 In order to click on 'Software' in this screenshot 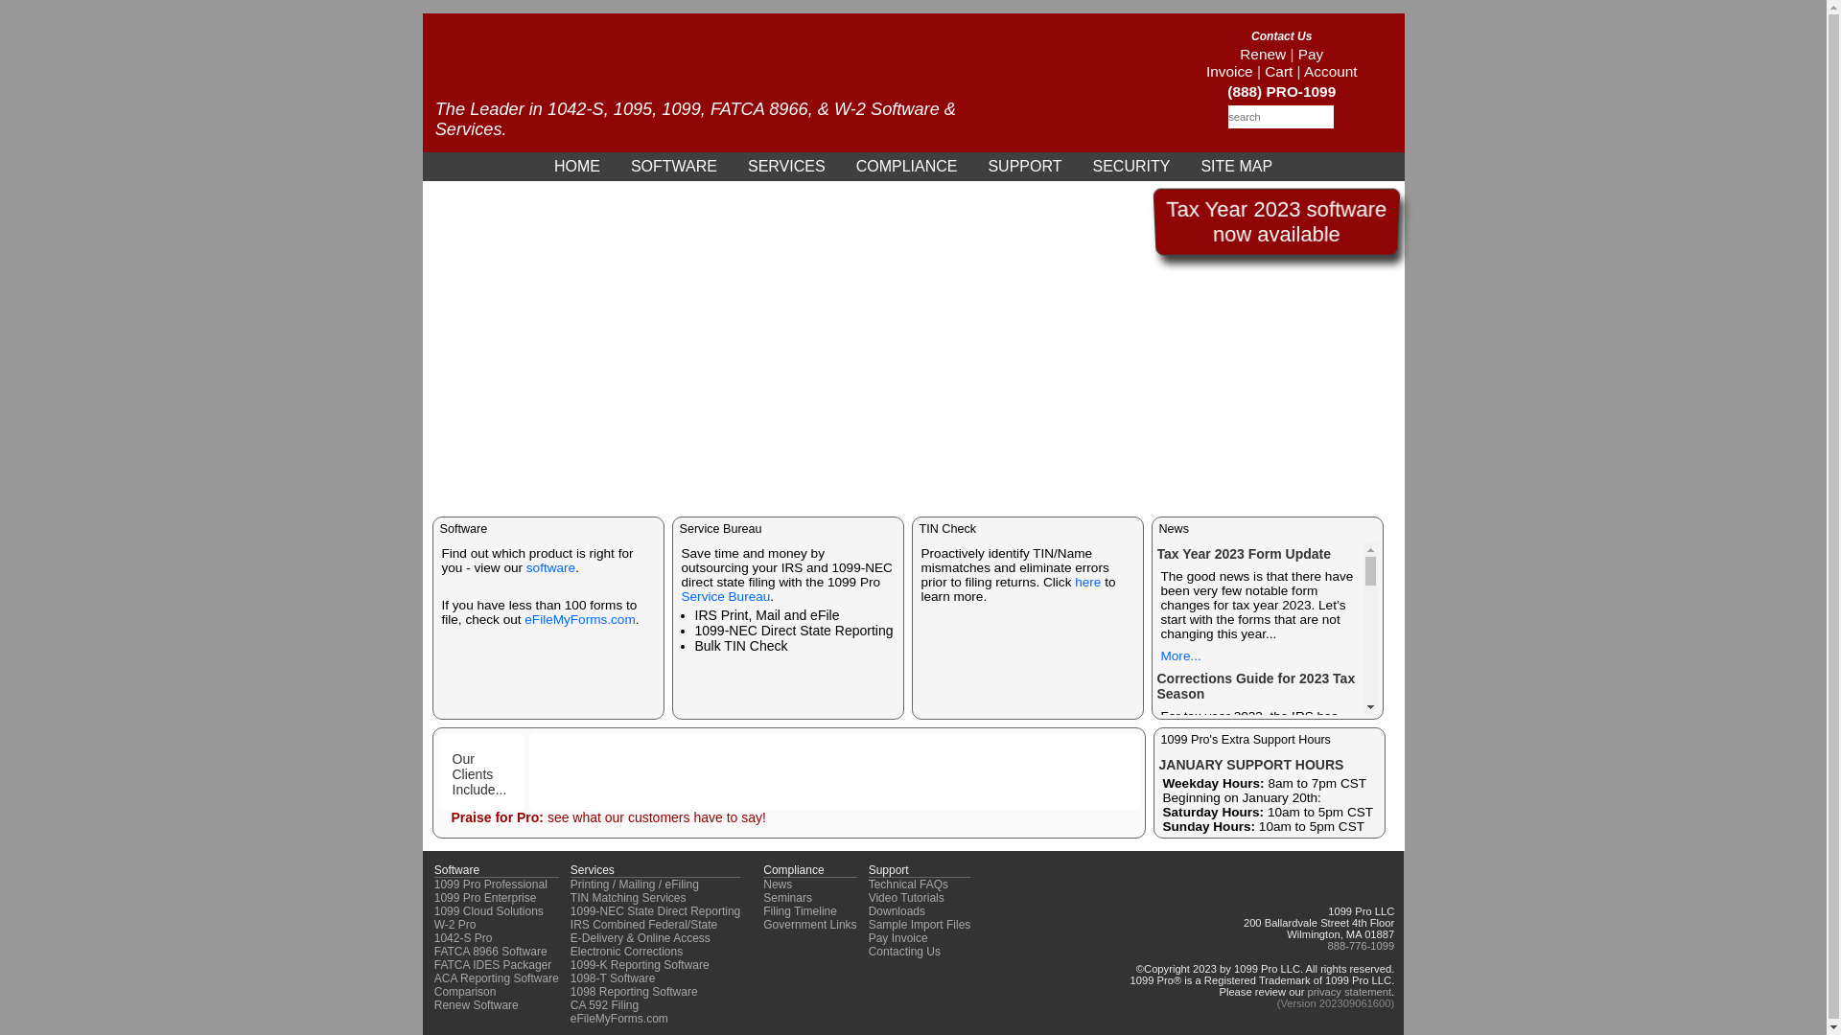, I will do `click(455, 869)`.